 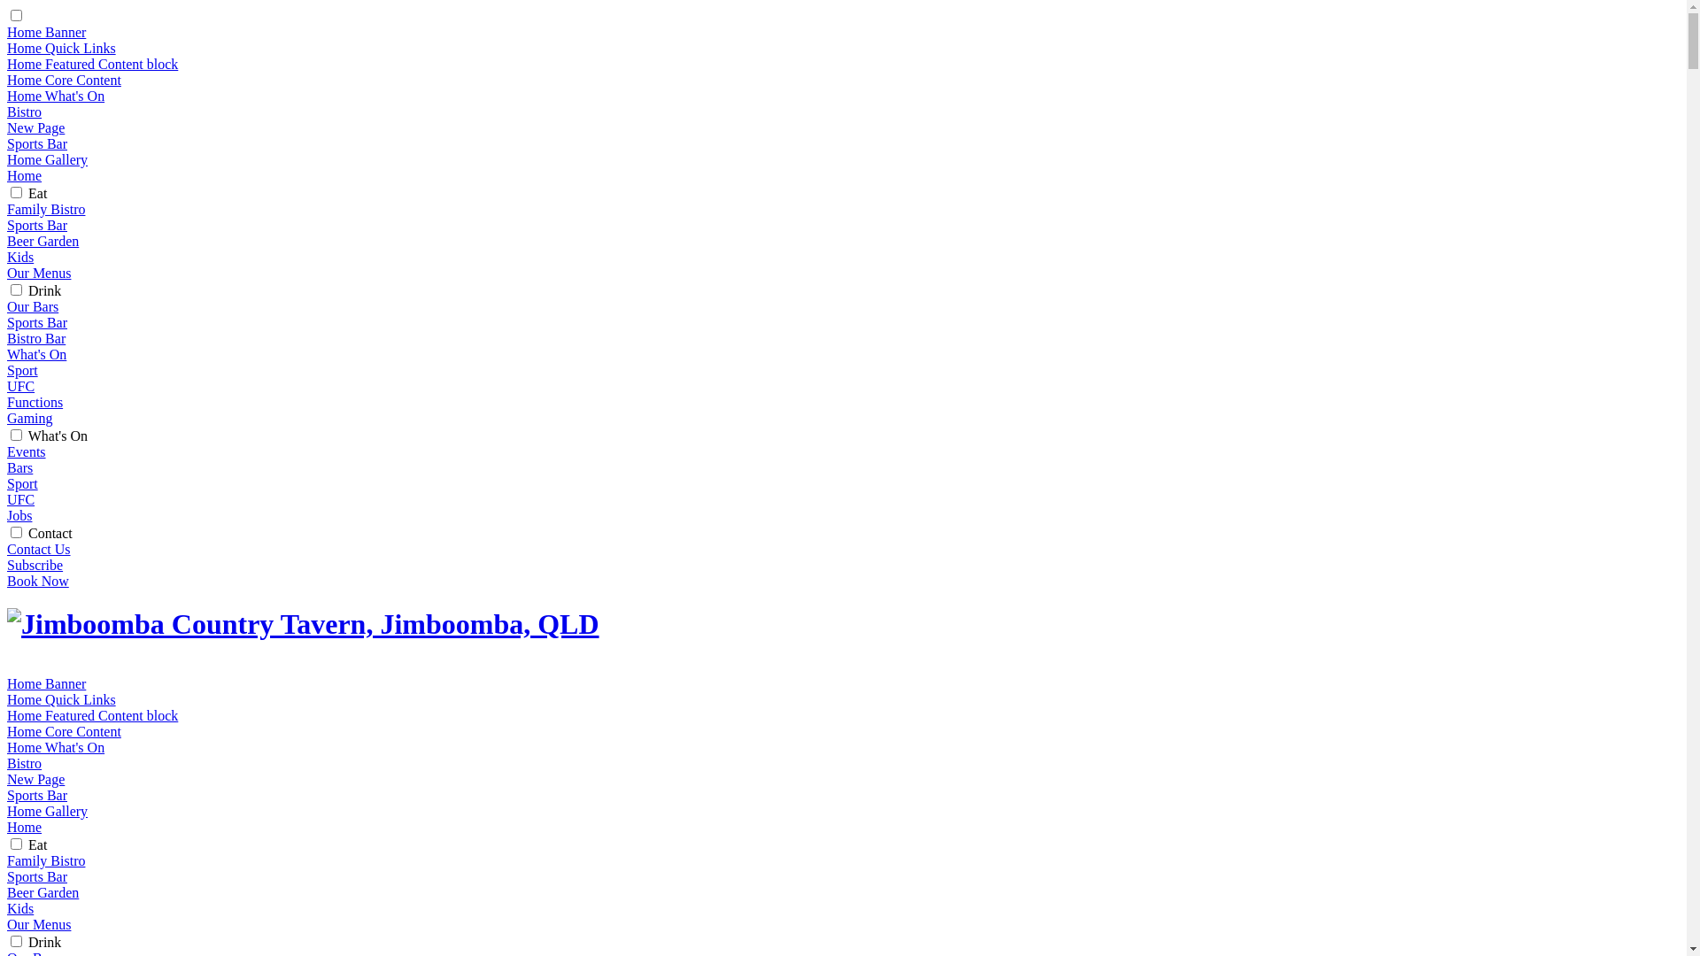 What do you see at coordinates (36, 338) in the screenshot?
I see `'Bistro Bar'` at bounding box center [36, 338].